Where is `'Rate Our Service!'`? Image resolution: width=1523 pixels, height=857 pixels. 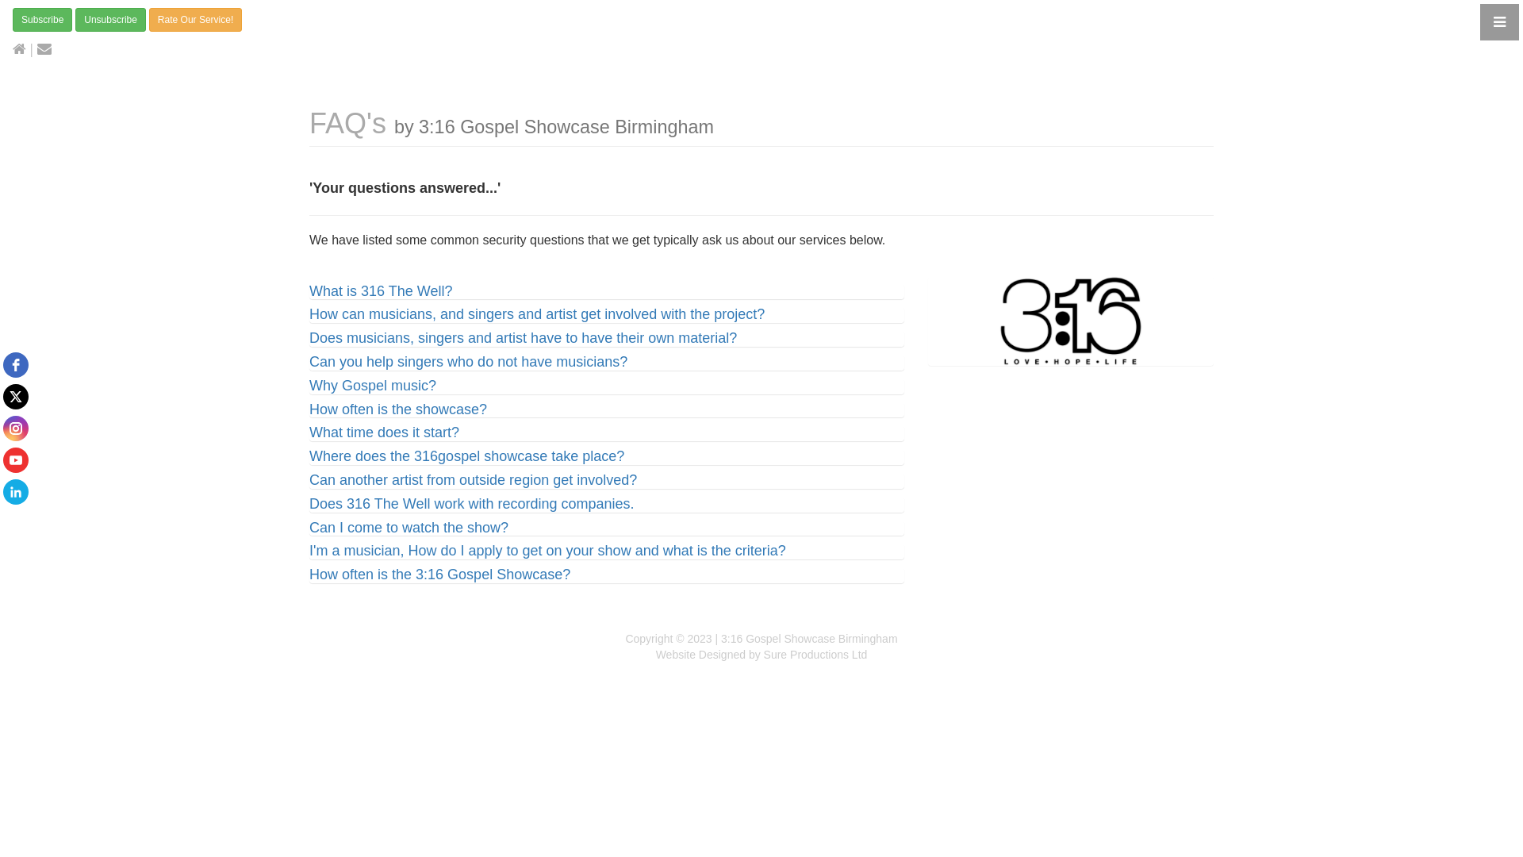
'Rate Our Service!' is located at coordinates (148, 19).